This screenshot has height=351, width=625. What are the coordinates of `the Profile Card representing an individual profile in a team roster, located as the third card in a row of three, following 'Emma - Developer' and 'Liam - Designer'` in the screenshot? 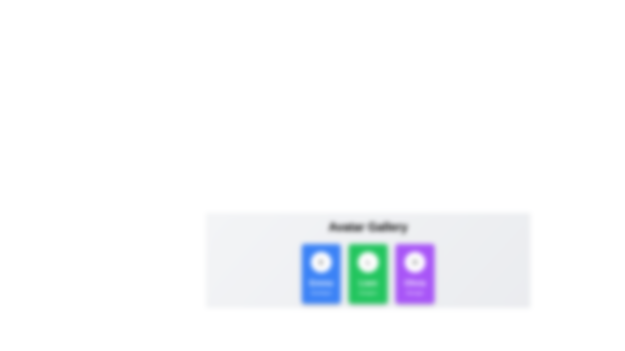 It's located at (415, 274).